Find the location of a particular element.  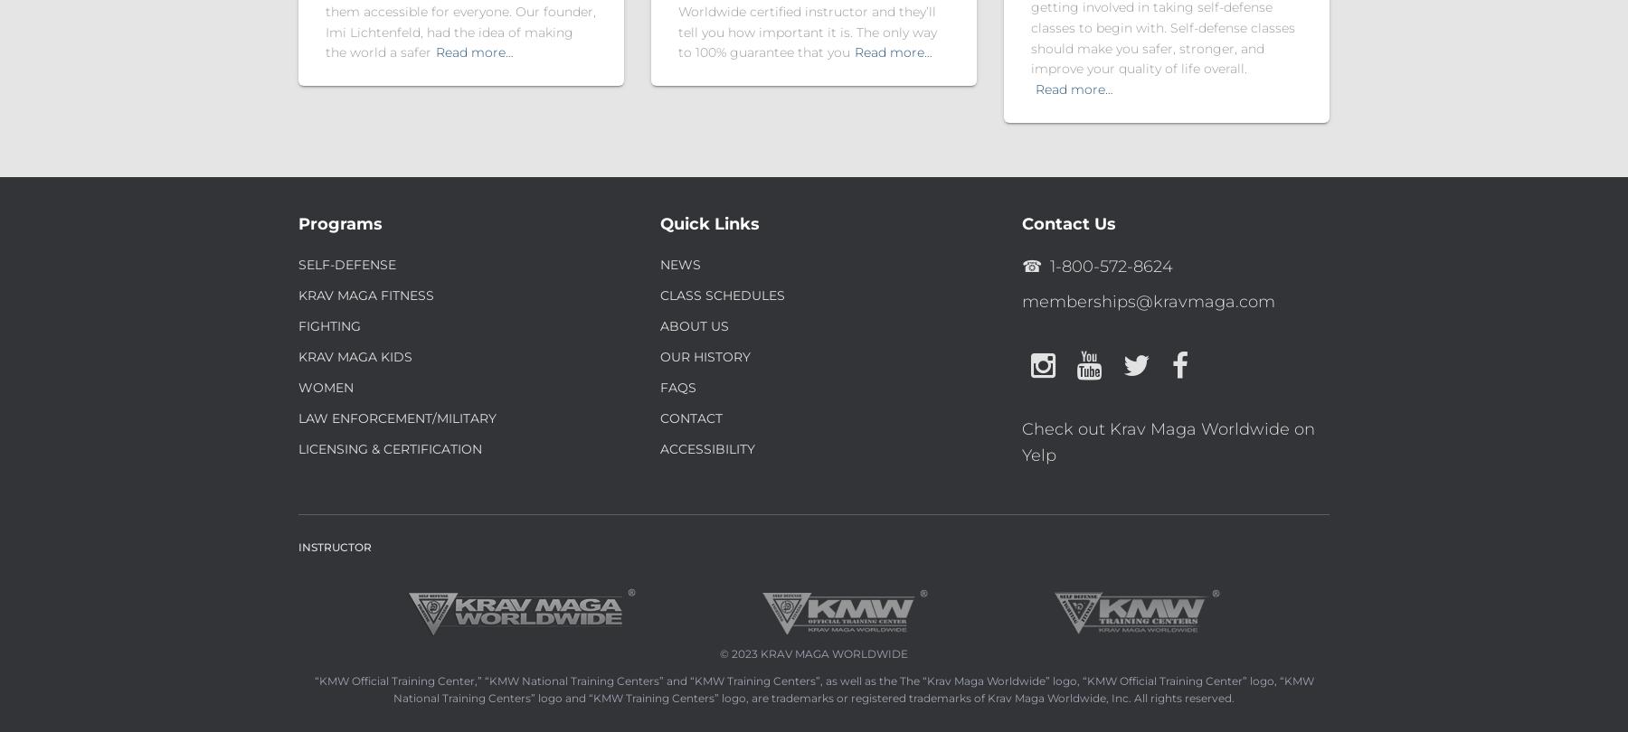

'Class Schedules' is located at coordinates (659, 294).